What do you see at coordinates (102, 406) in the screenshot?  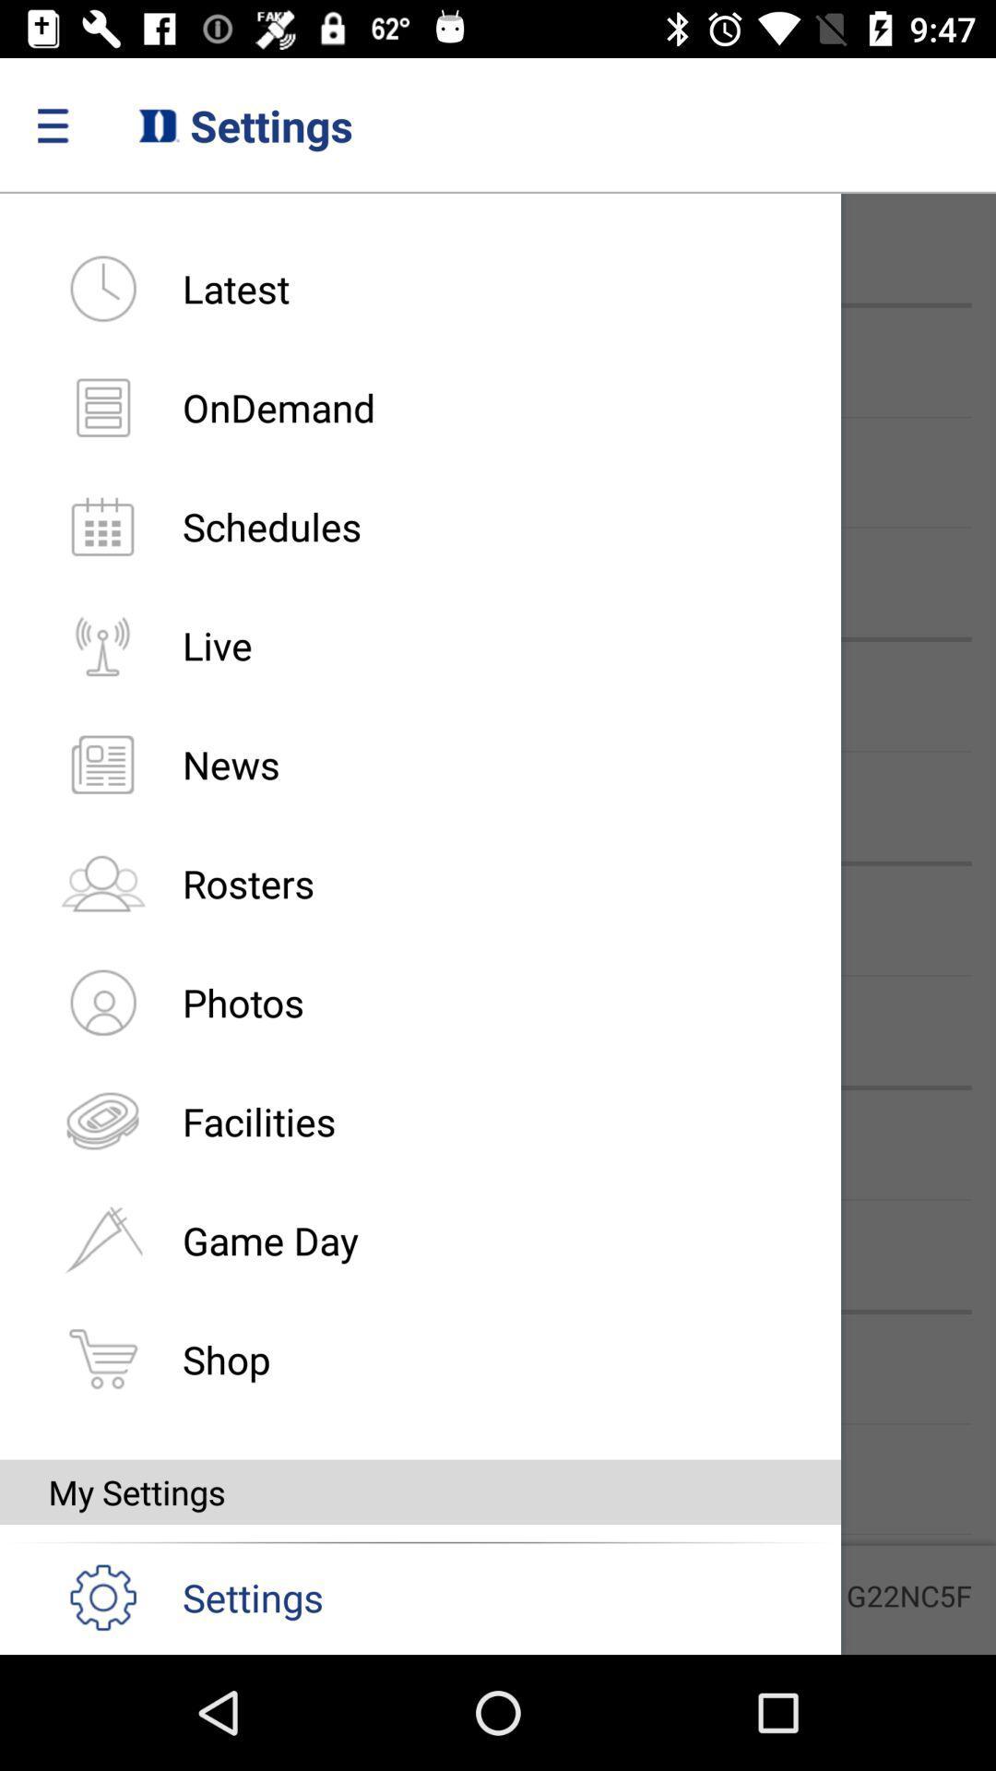 I see `the icon left to the text ondemand` at bounding box center [102, 406].